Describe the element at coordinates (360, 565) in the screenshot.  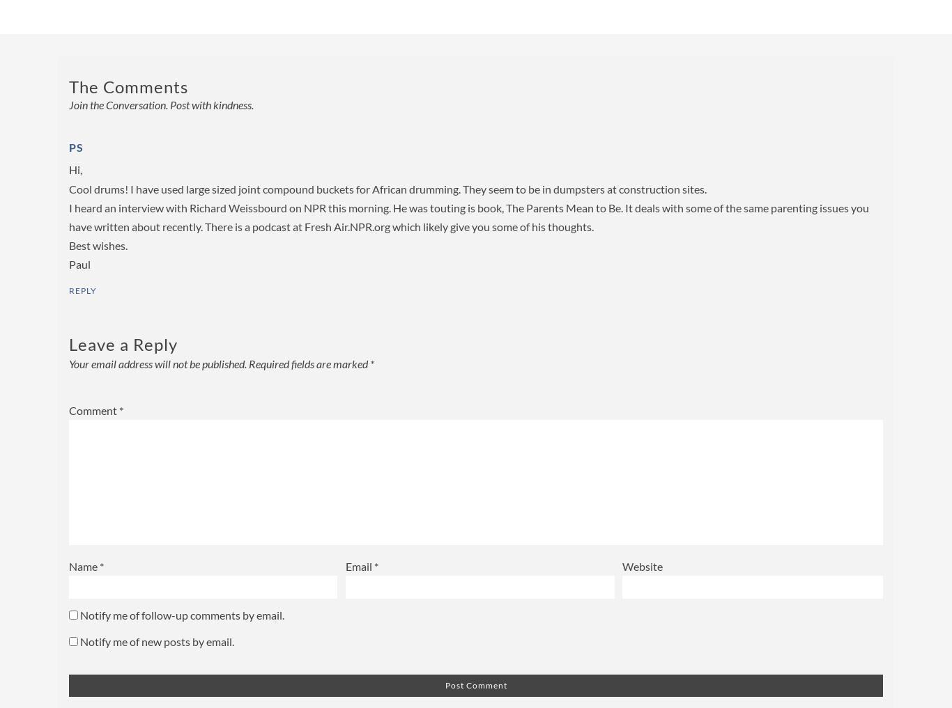
I see `'Email'` at that location.